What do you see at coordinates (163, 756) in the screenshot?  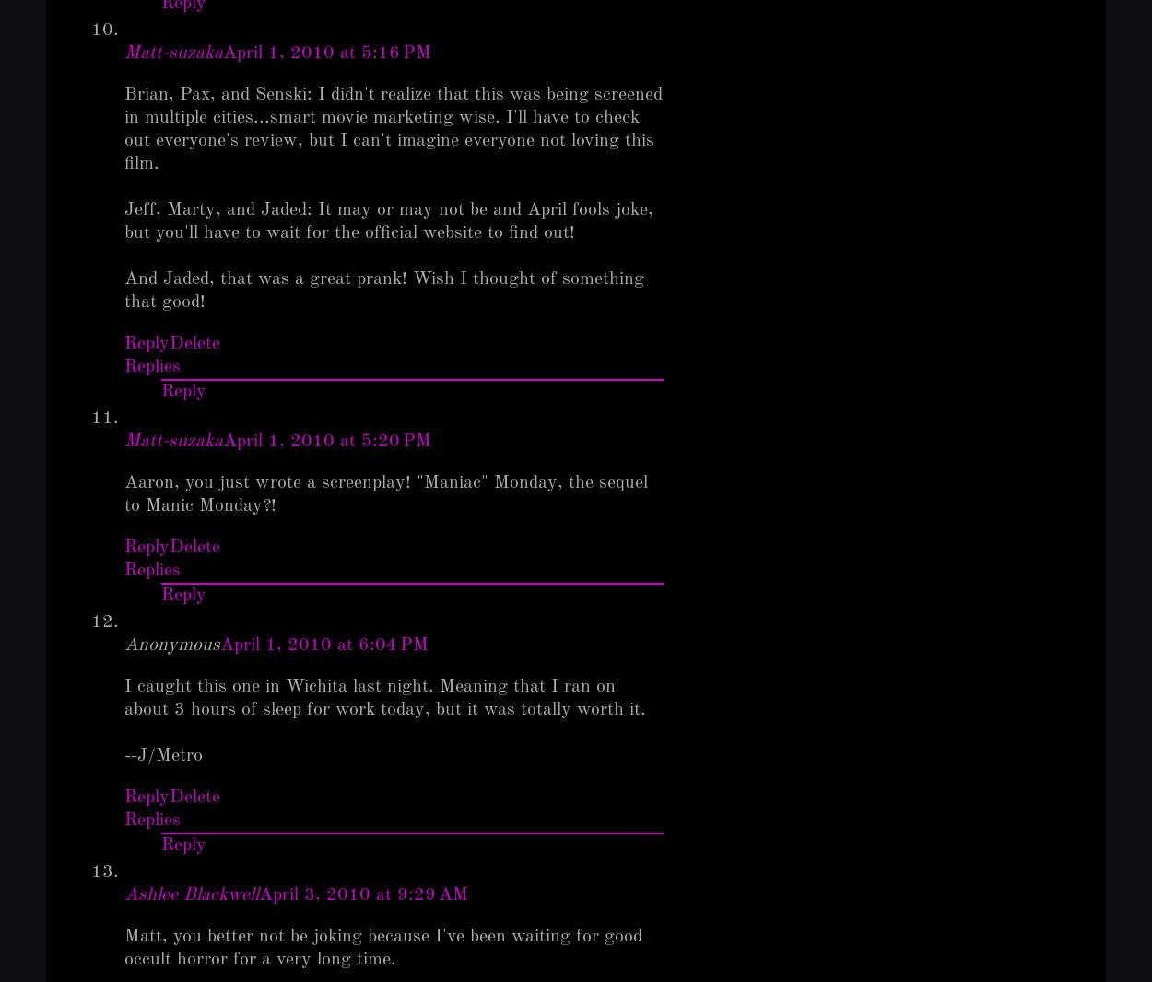 I see `'--J/Metro'` at bounding box center [163, 756].